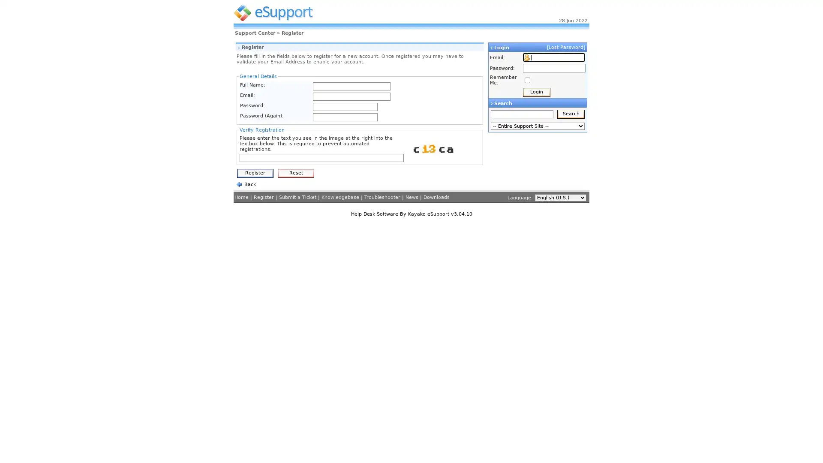 The height and width of the screenshot is (463, 823). What do you see at coordinates (571, 114) in the screenshot?
I see `Search` at bounding box center [571, 114].